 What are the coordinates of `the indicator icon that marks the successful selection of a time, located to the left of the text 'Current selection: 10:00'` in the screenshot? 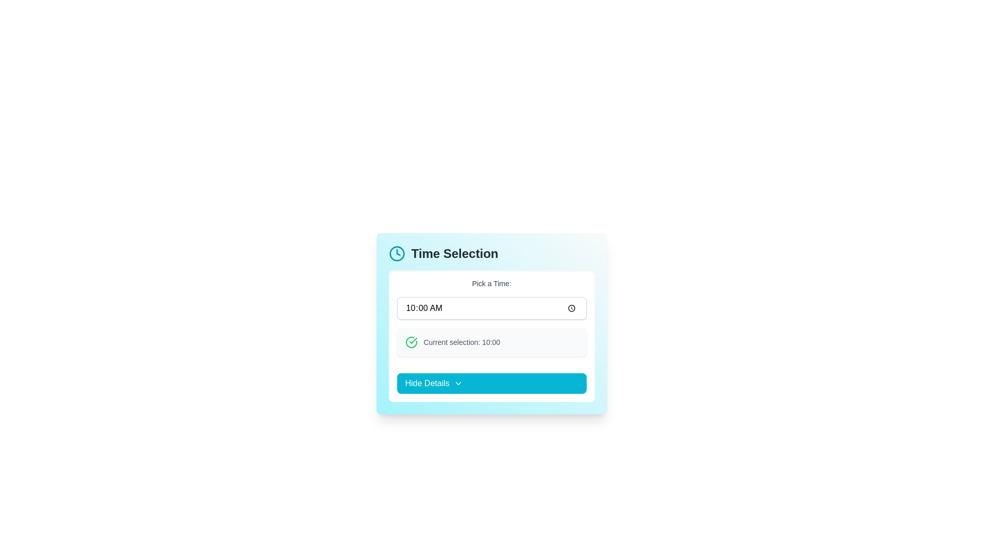 It's located at (411, 342).